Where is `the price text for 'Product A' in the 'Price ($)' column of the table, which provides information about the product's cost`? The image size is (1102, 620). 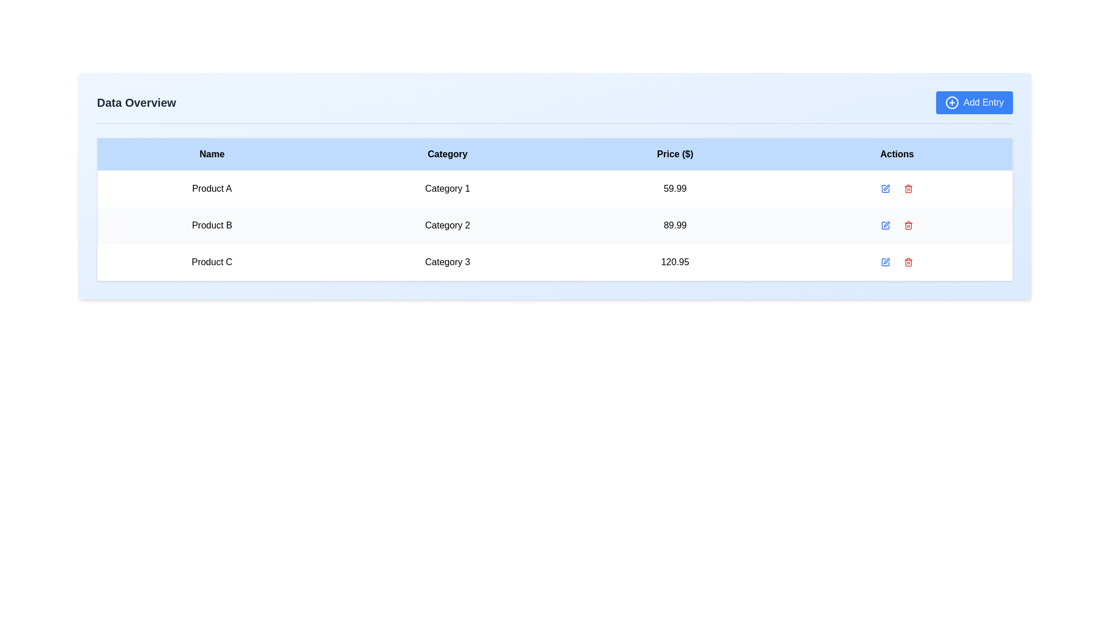
the price text for 'Product A' in the 'Price ($)' column of the table, which provides information about the product's cost is located at coordinates (675, 188).